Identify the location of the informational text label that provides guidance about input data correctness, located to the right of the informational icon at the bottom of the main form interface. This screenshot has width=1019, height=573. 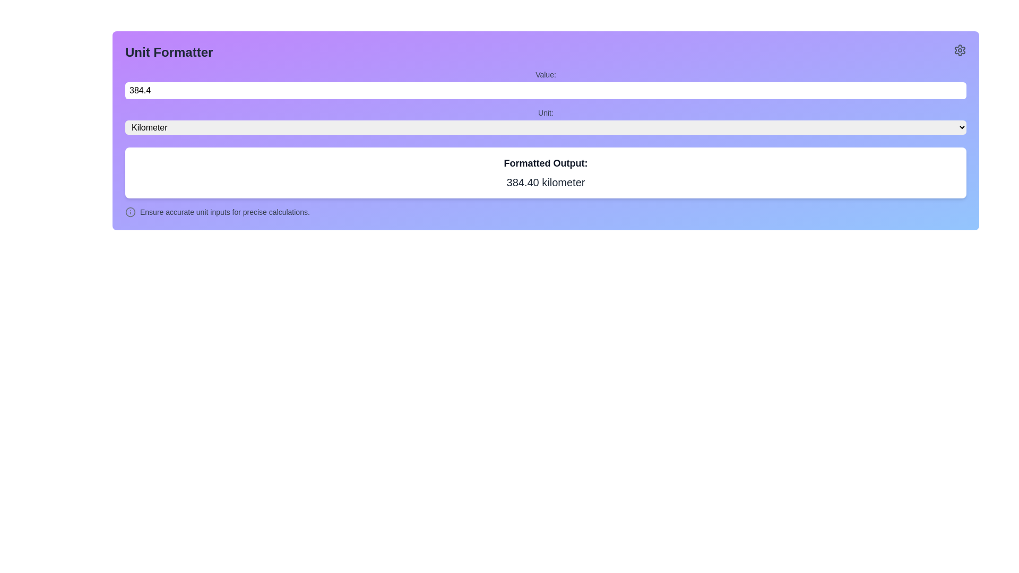
(224, 212).